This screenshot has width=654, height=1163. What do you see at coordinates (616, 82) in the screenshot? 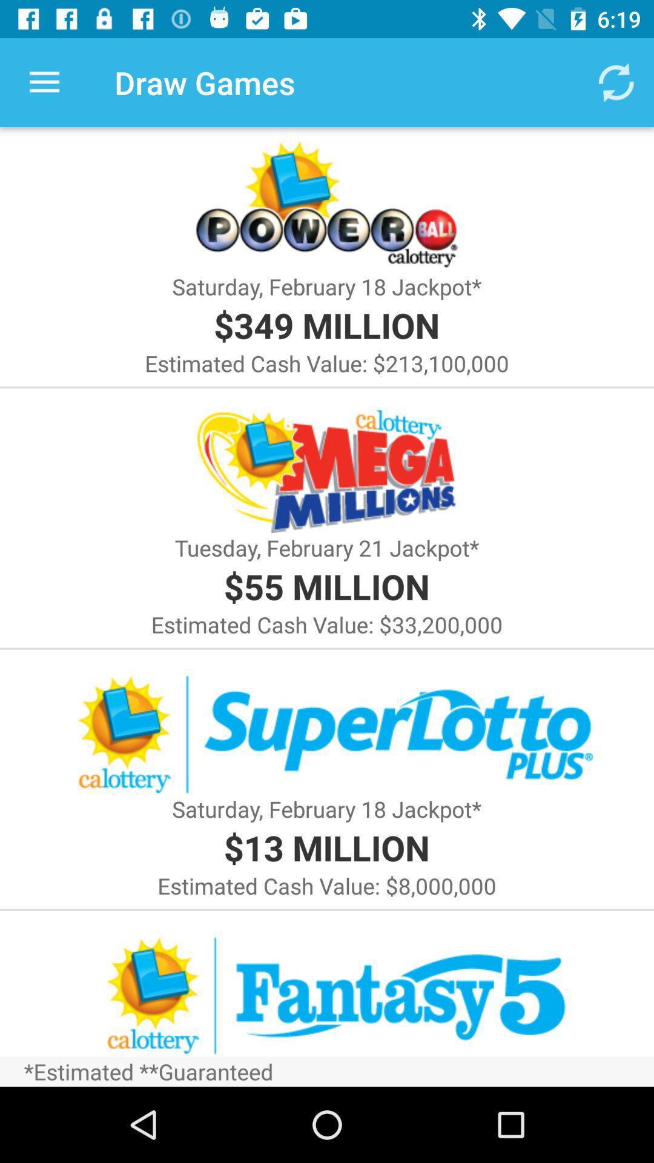
I see `the app next to the draw games icon` at bounding box center [616, 82].